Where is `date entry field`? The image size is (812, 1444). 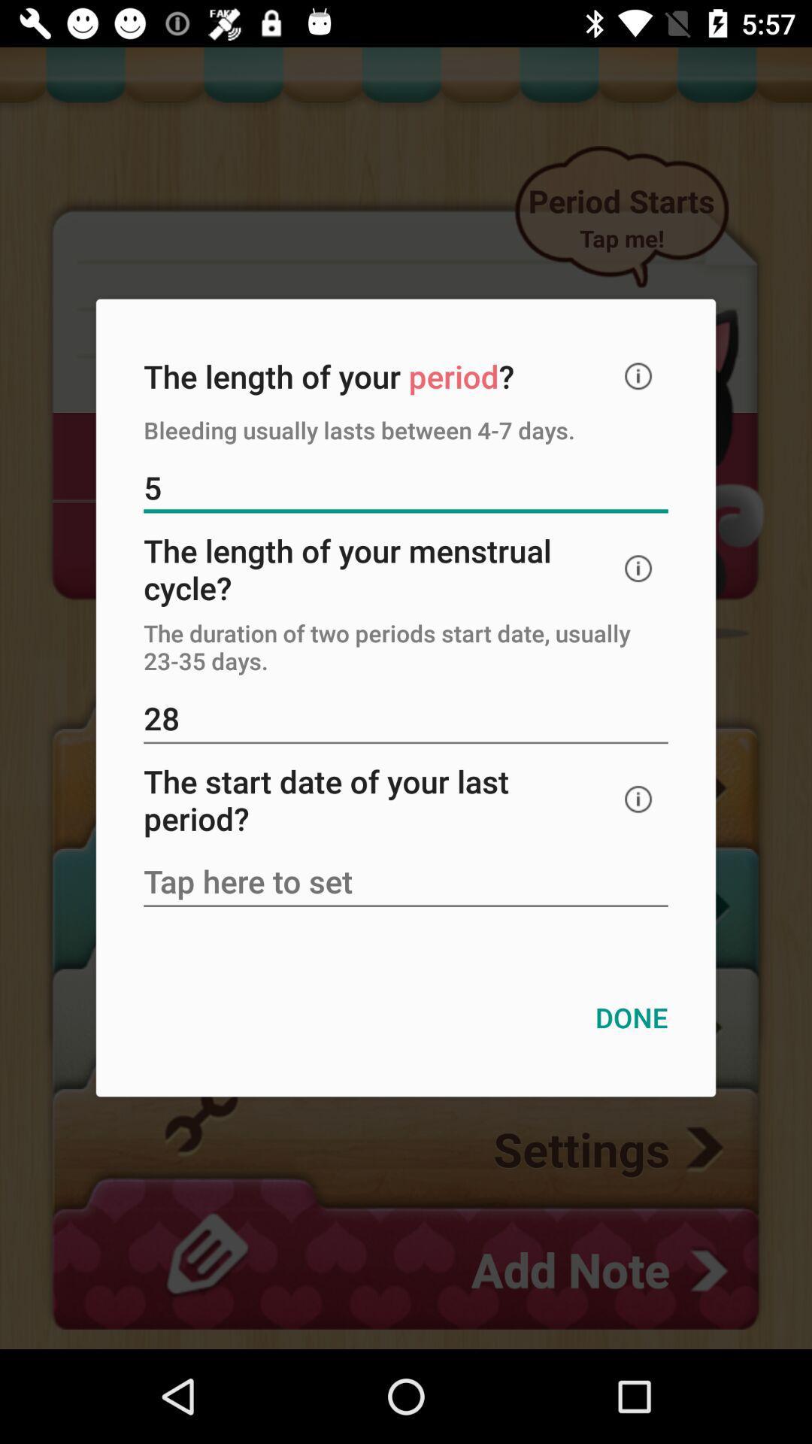 date entry field is located at coordinates (406, 883).